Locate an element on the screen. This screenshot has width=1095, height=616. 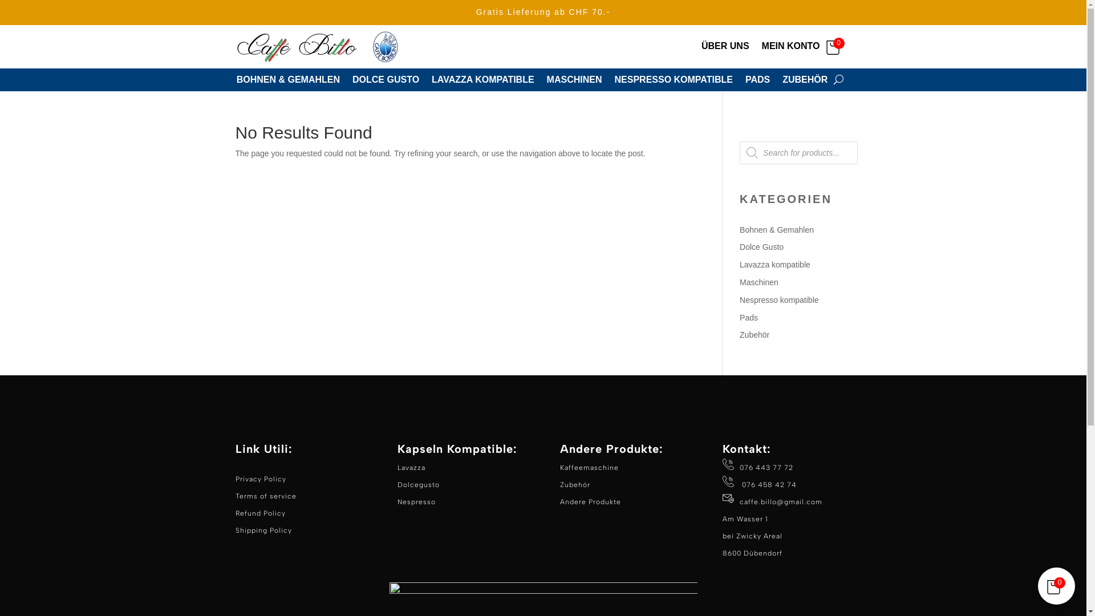
'caffe.billo@gmail.com' is located at coordinates (739, 501).